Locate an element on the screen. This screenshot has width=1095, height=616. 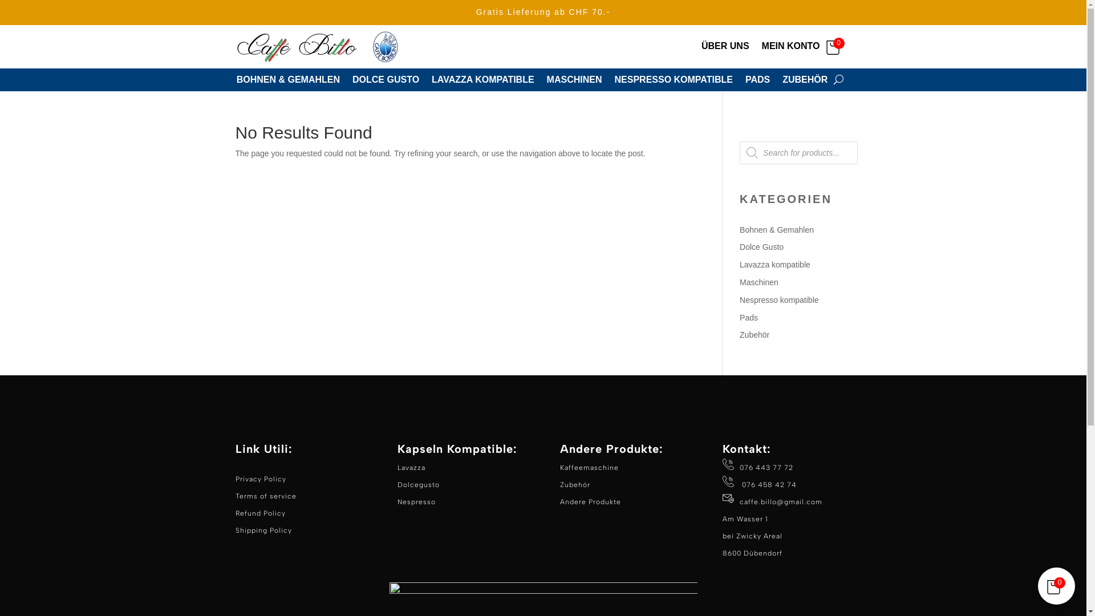
'caffe.billo@gmail.com' is located at coordinates (739, 501).